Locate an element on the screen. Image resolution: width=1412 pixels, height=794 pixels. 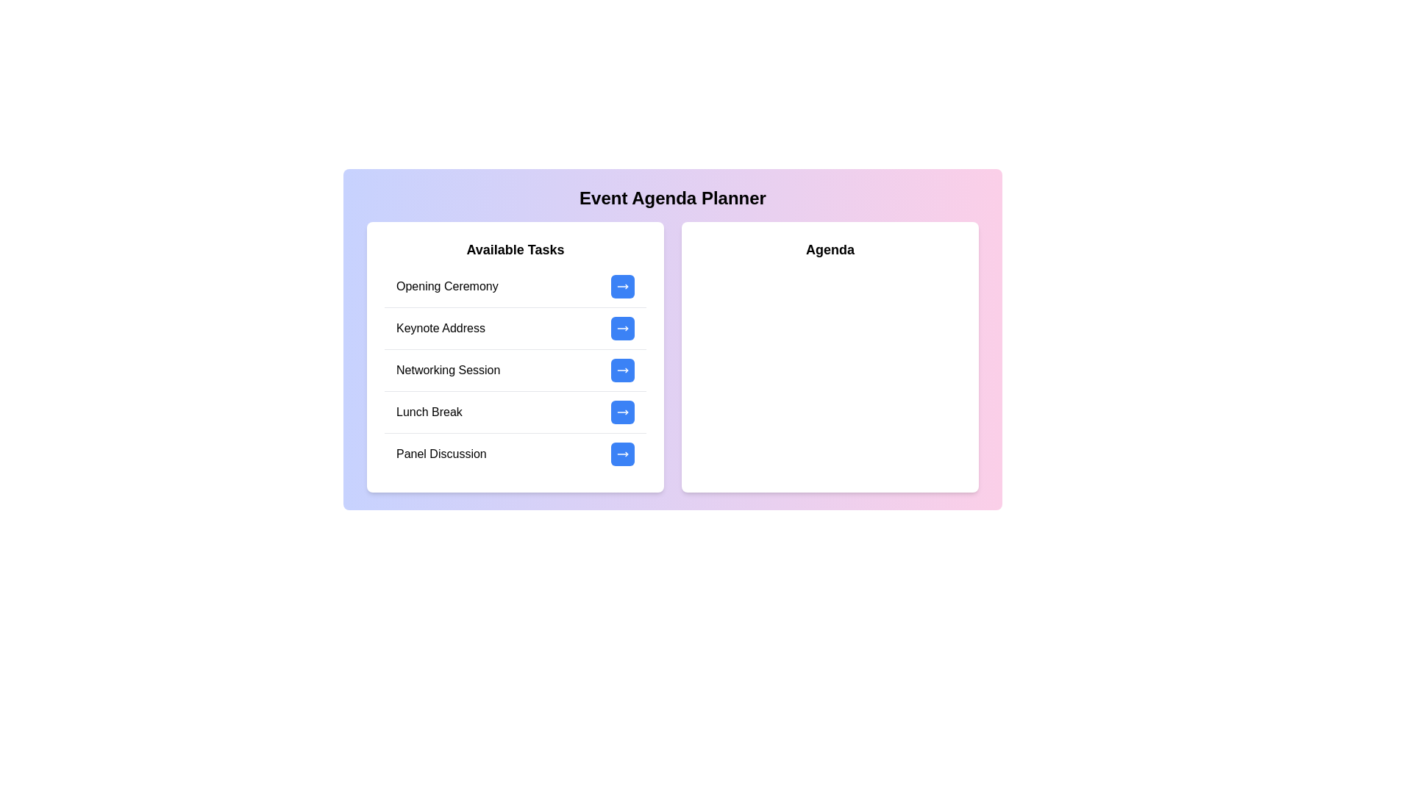
the button corresponding to the task 'Networking Session' in the 'Available Tasks' list to add it to the agenda is located at coordinates (622, 370).